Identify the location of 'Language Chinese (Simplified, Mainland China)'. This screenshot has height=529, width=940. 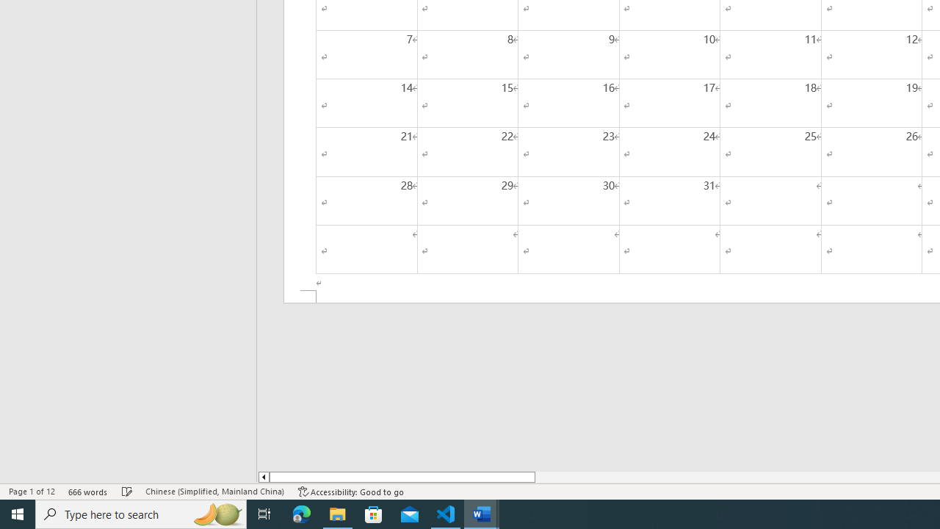
(214, 492).